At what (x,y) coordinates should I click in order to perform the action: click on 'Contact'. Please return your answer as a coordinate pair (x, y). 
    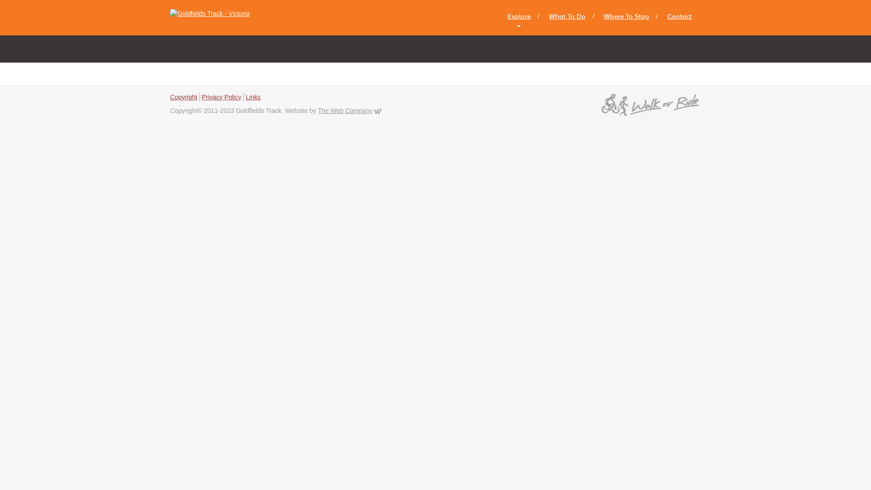
    Looking at the image, I should click on (679, 16).